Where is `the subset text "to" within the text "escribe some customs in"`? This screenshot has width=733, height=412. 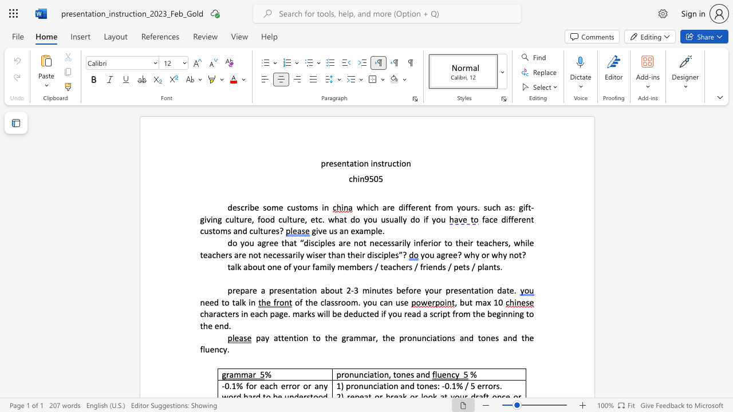 the subset text "to" within the text "escribe some customs in" is located at coordinates (299, 207).